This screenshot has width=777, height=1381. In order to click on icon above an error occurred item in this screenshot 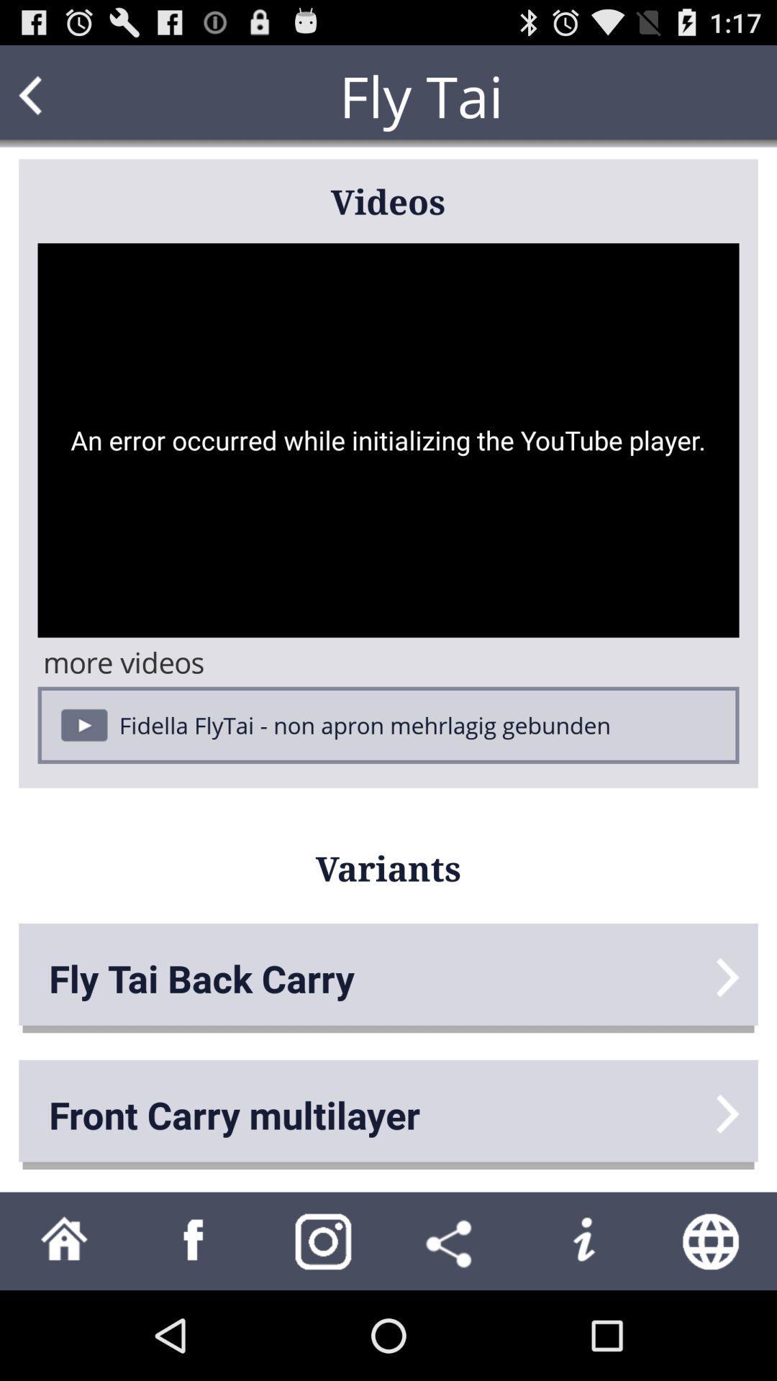, I will do `click(58, 95)`.